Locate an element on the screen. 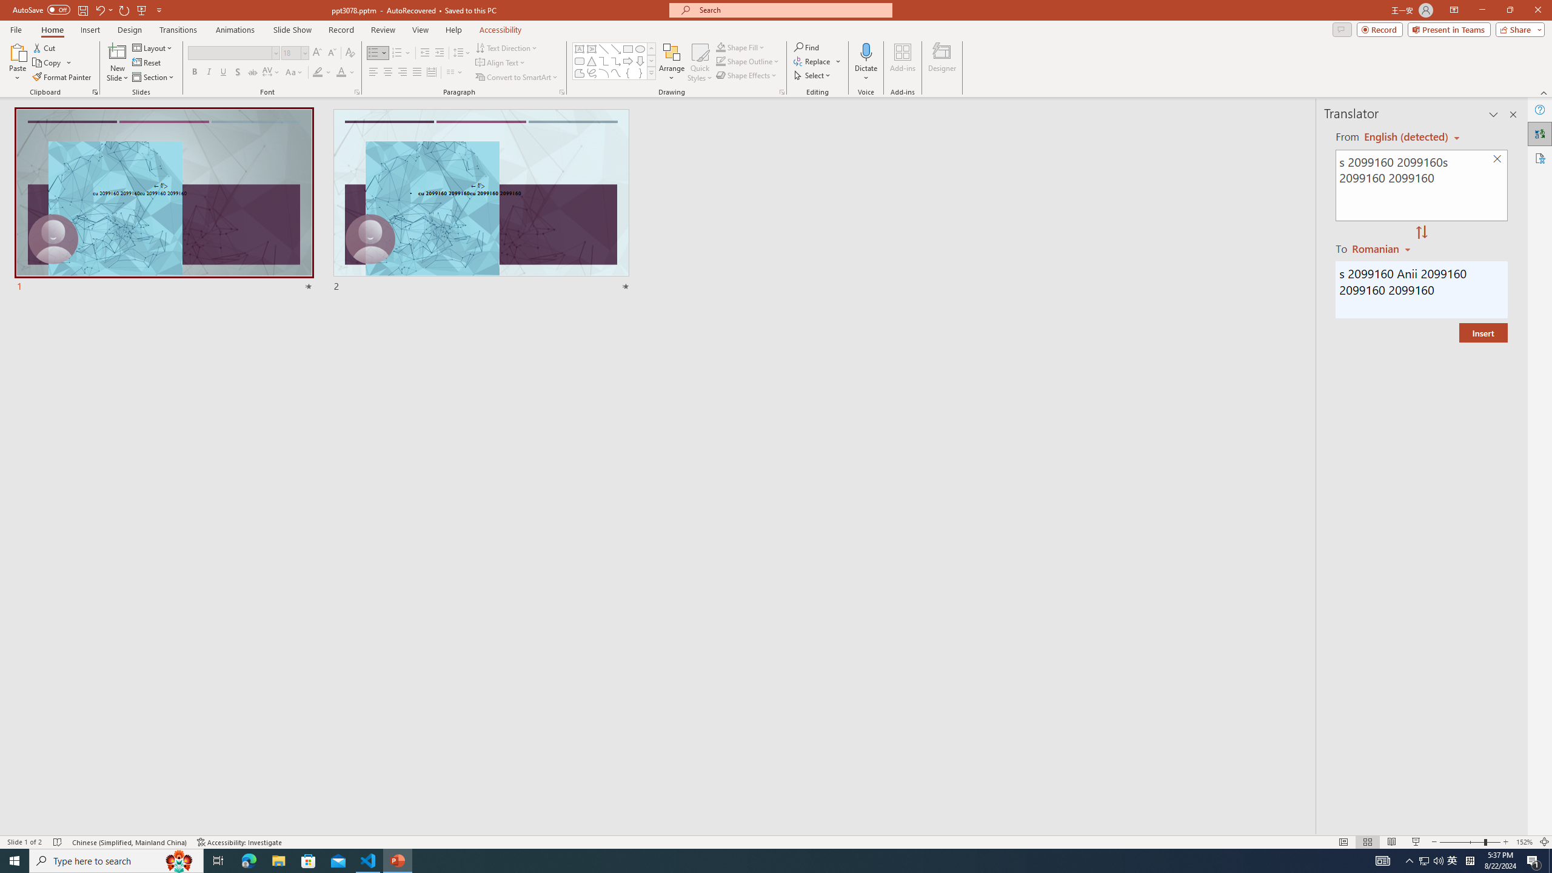 This screenshot has width=1552, height=873. 'Czech (detected)' is located at coordinates (1406, 136).